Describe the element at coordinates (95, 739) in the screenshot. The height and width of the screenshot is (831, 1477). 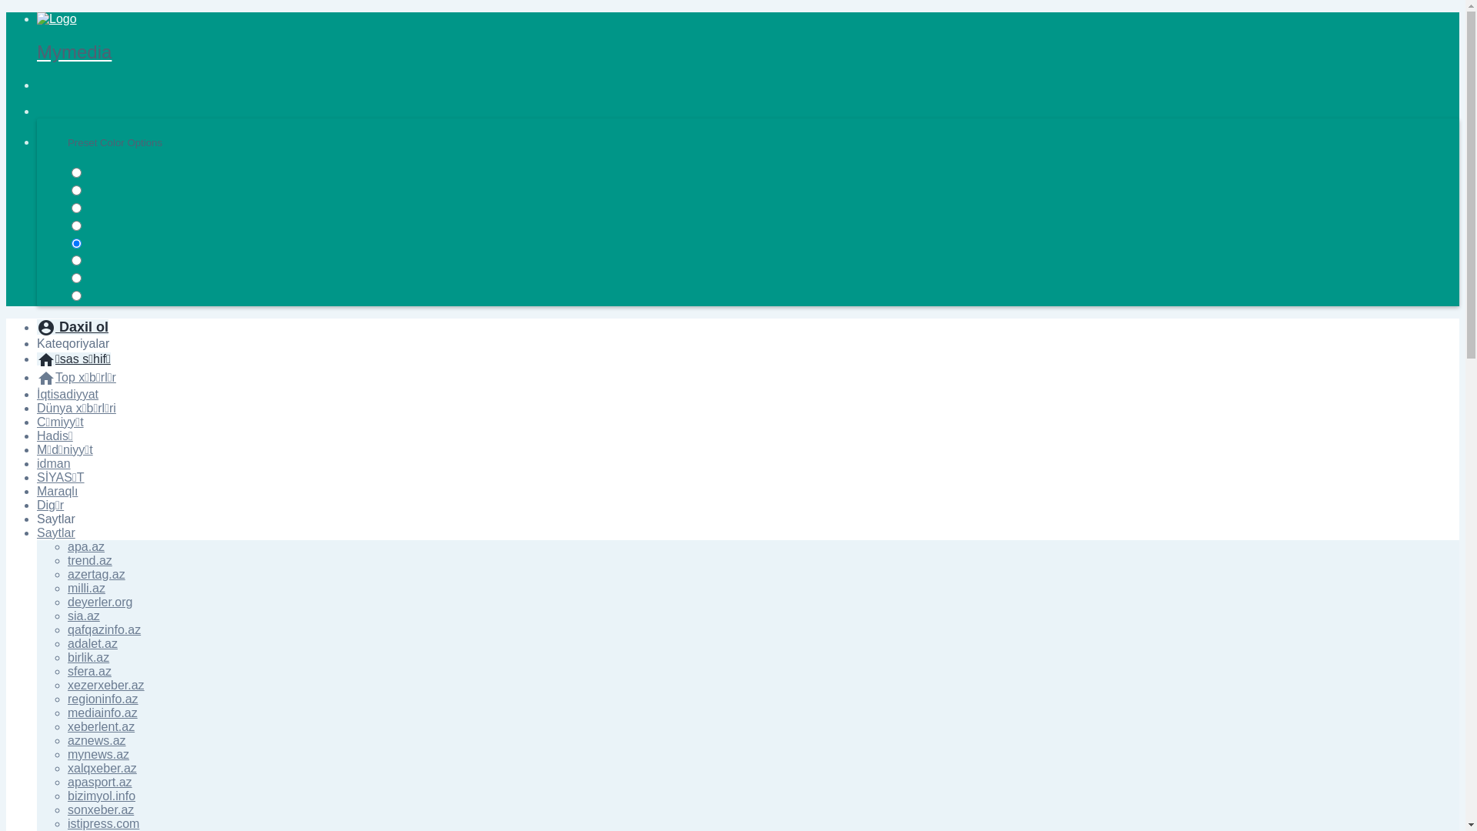
I see `'aznews.az'` at that location.